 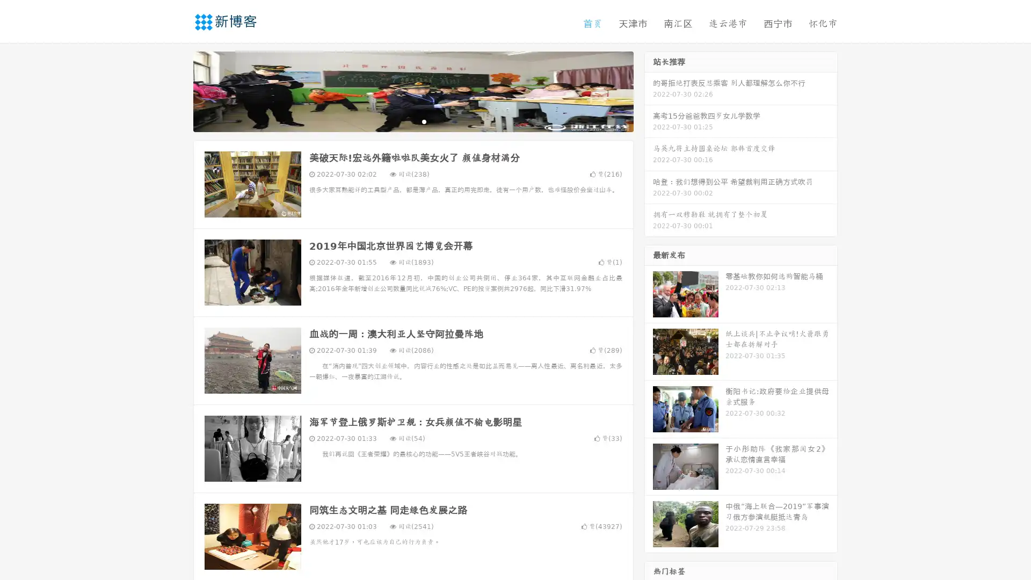 I want to click on Go to slide 2, so click(x=412, y=121).